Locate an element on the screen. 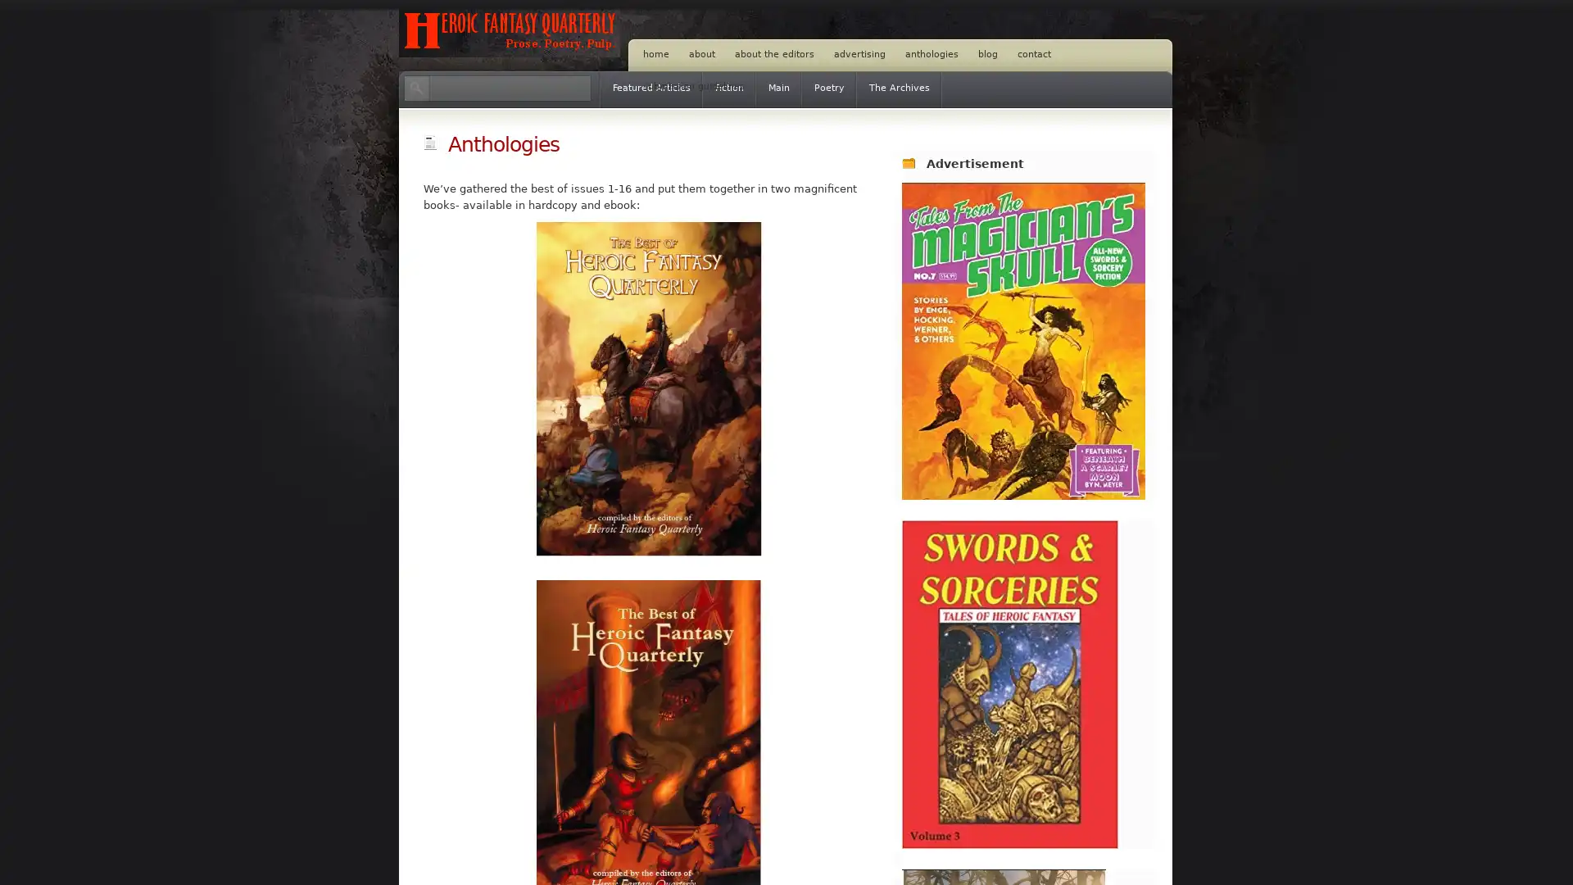 This screenshot has height=885, width=1573. Search is located at coordinates (416, 88).